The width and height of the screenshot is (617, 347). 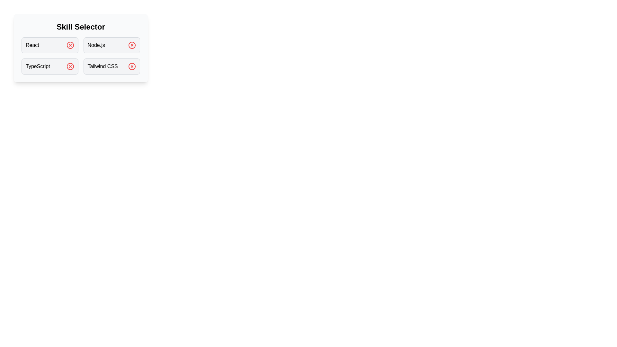 I want to click on the skill box labeled Tailwind CSS, so click(x=112, y=67).